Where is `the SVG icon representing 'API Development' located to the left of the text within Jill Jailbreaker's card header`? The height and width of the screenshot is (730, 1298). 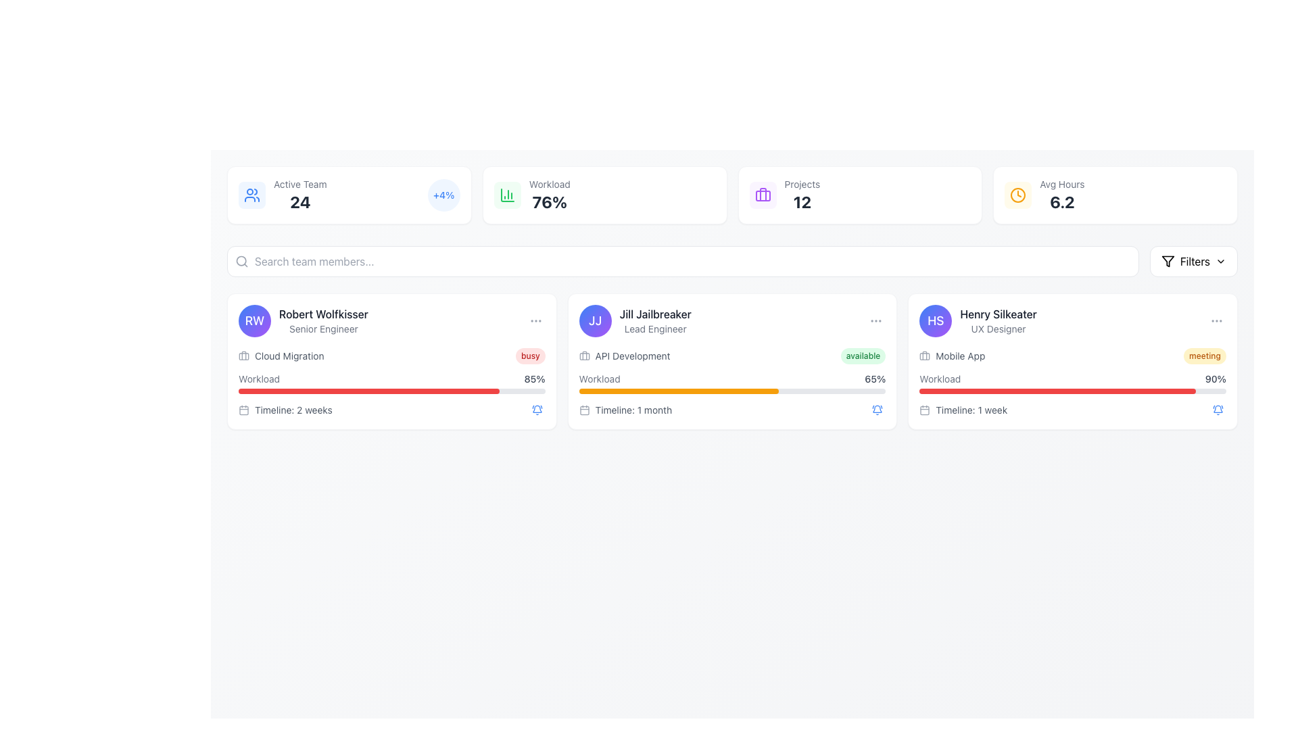
the SVG icon representing 'API Development' located to the left of the text within Jill Jailbreaker's card header is located at coordinates (584, 356).